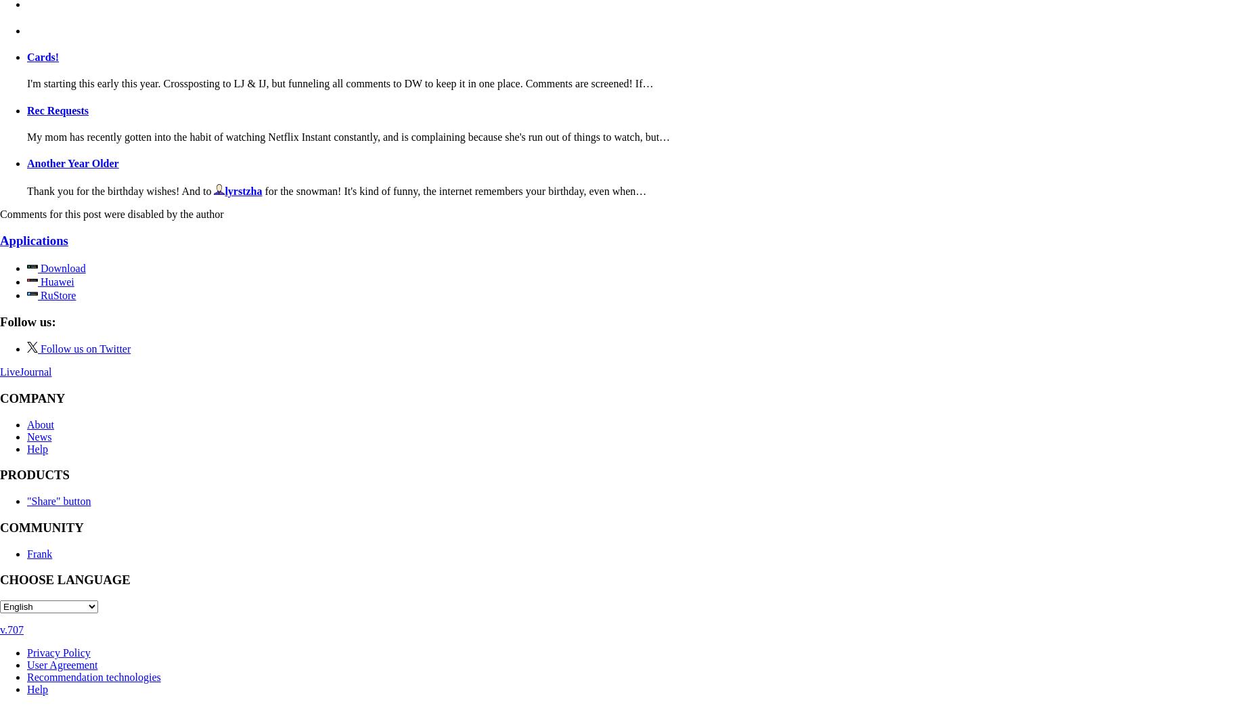 The width and height of the screenshot is (1252, 706). I want to click on 'I'm starting this early this year. Crossposting to LJ & IJ, but funneling all comments to DW to keep it in one place. Comments are screened!  If…', so click(340, 83).